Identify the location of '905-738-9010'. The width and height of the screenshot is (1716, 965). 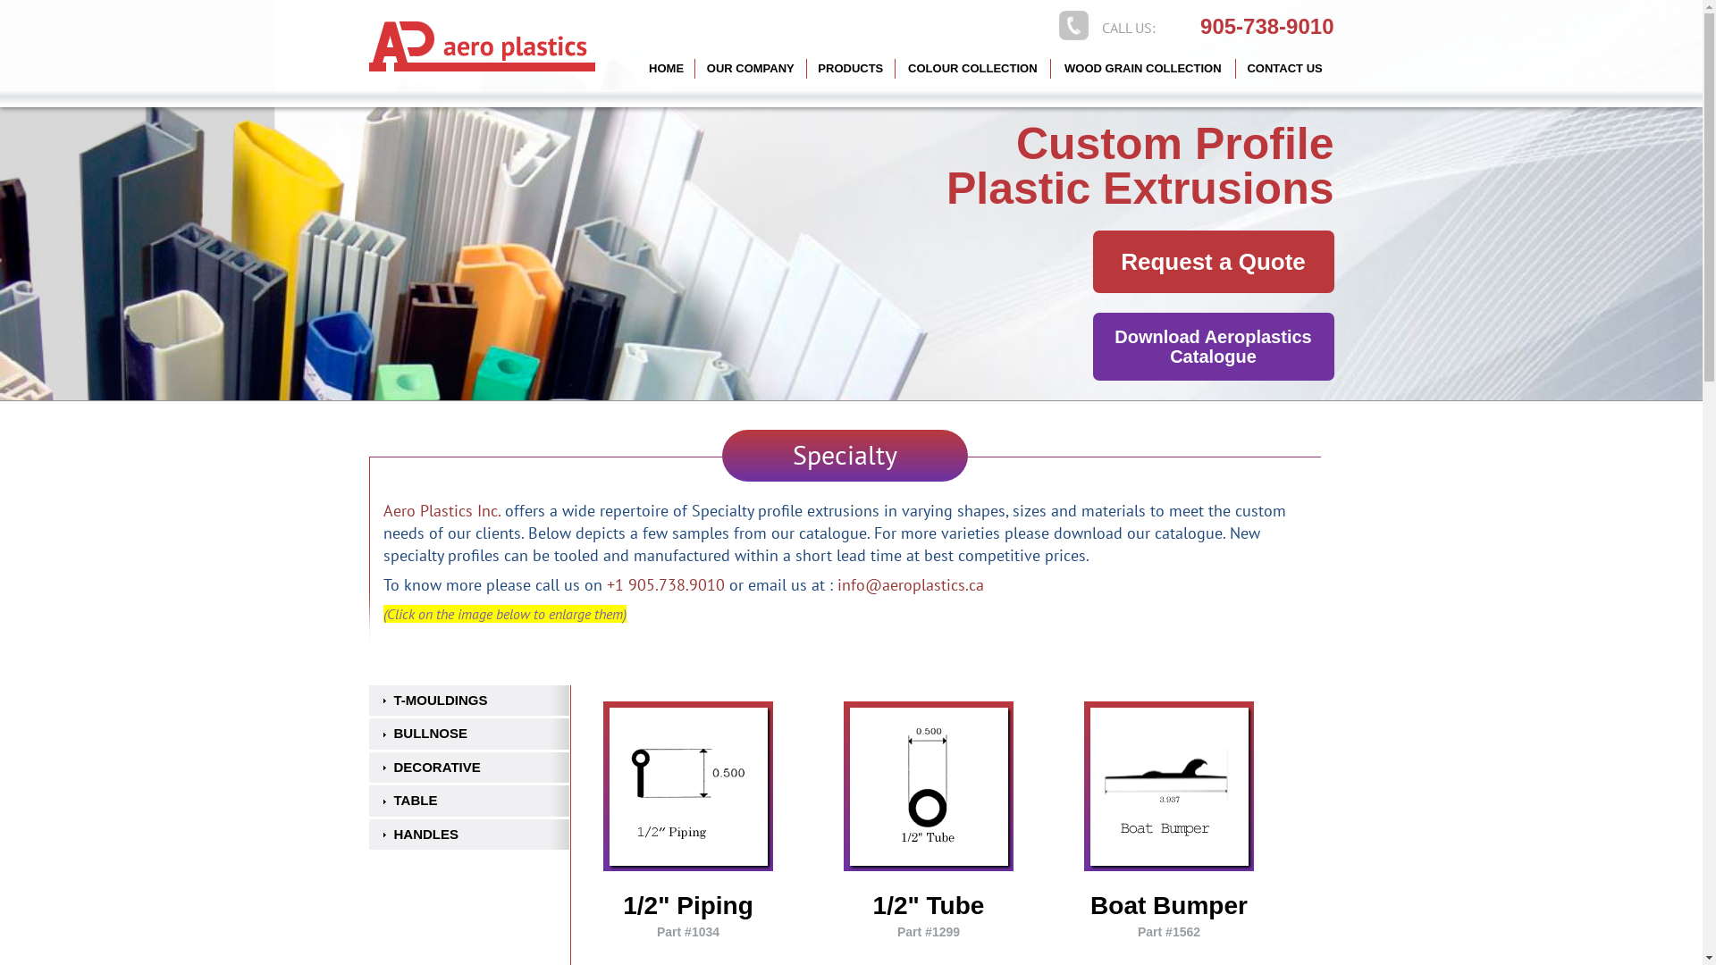
(1200, 27).